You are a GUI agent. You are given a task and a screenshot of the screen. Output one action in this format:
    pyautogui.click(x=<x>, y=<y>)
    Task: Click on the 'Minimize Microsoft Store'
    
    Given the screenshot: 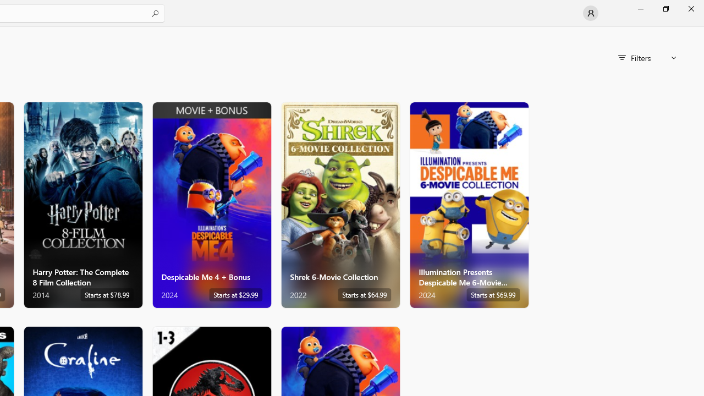 What is the action you would take?
    pyautogui.click(x=640, y=8)
    